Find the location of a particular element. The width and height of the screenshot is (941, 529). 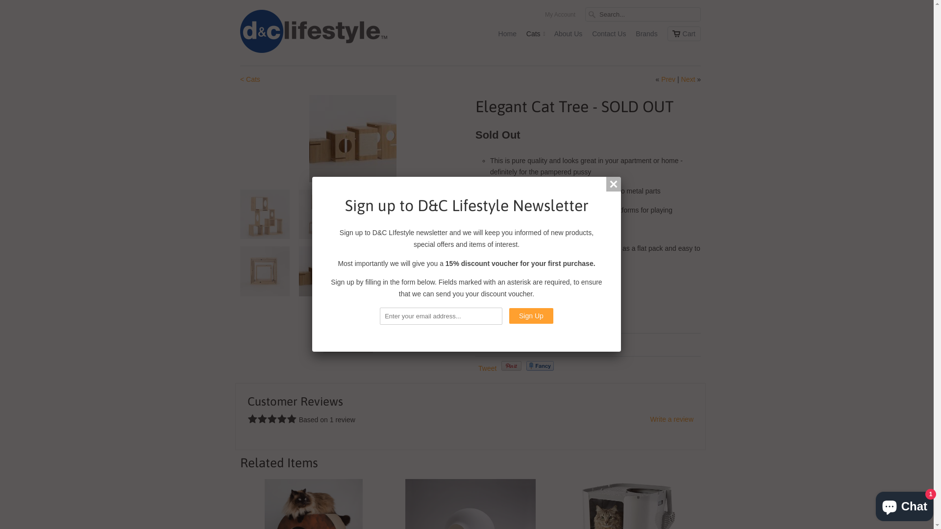

'Brands' is located at coordinates (646, 35).